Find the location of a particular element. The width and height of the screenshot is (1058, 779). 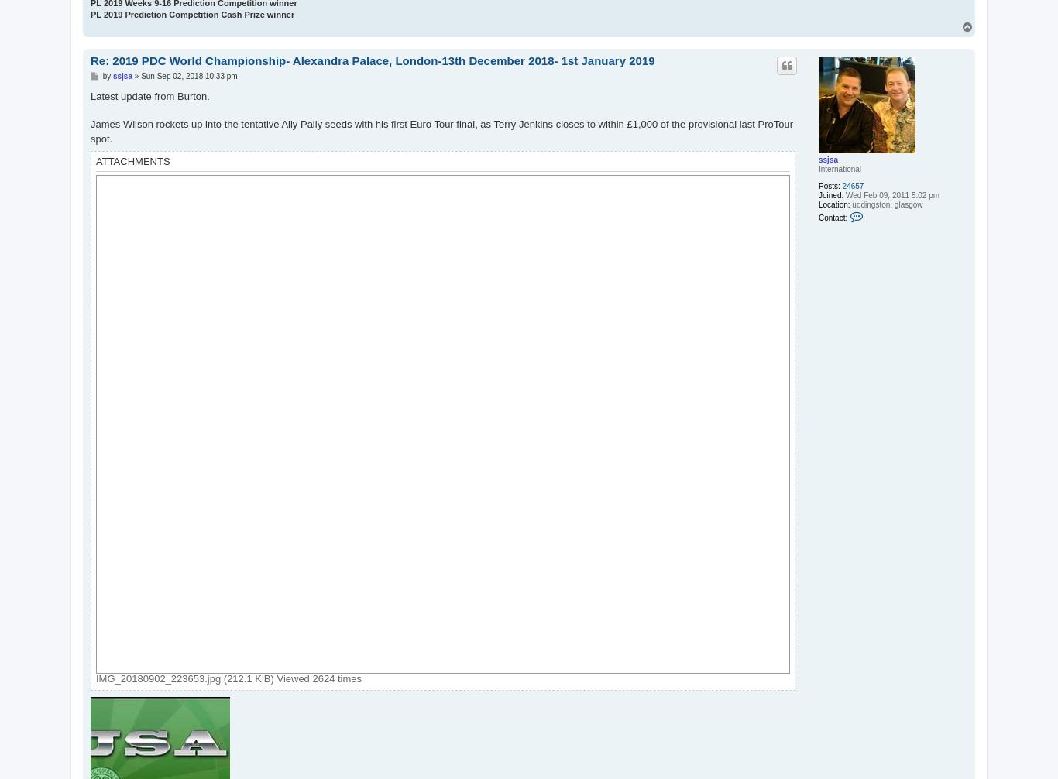

'Latest update from Burton.' is located at coordinates (90, 95).